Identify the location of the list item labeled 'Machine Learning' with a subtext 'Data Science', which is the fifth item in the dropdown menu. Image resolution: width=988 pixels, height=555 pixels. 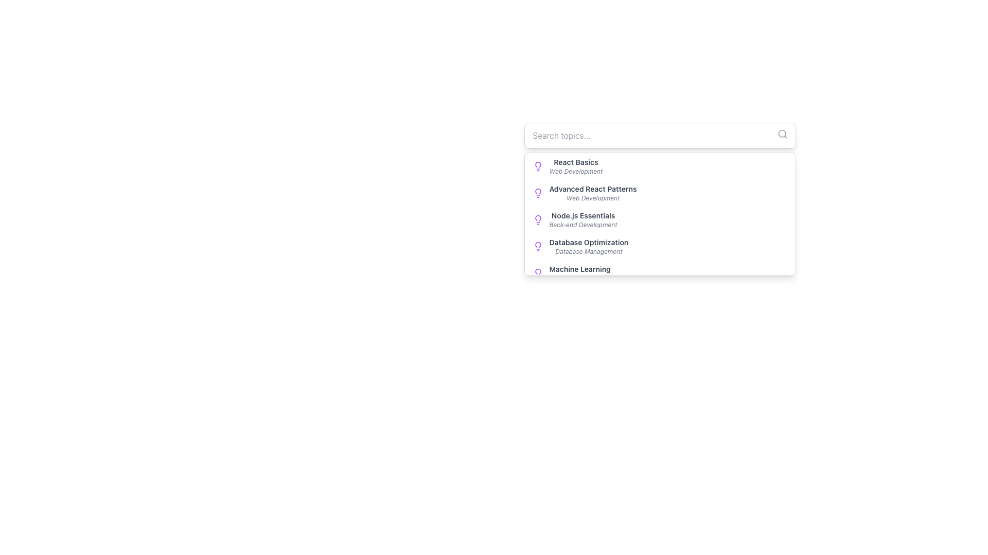
(580, 273).